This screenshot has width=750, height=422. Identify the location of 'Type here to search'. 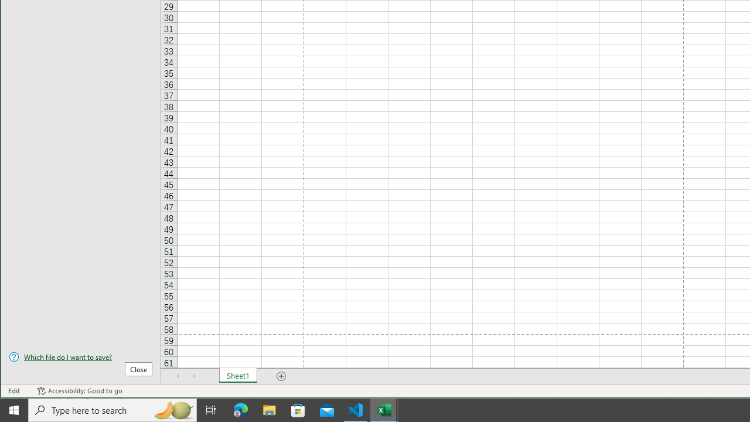
(112, 409).